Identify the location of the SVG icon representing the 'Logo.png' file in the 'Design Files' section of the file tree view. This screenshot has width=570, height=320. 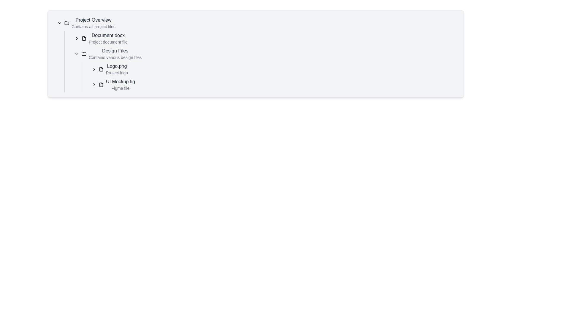
(101, 69).